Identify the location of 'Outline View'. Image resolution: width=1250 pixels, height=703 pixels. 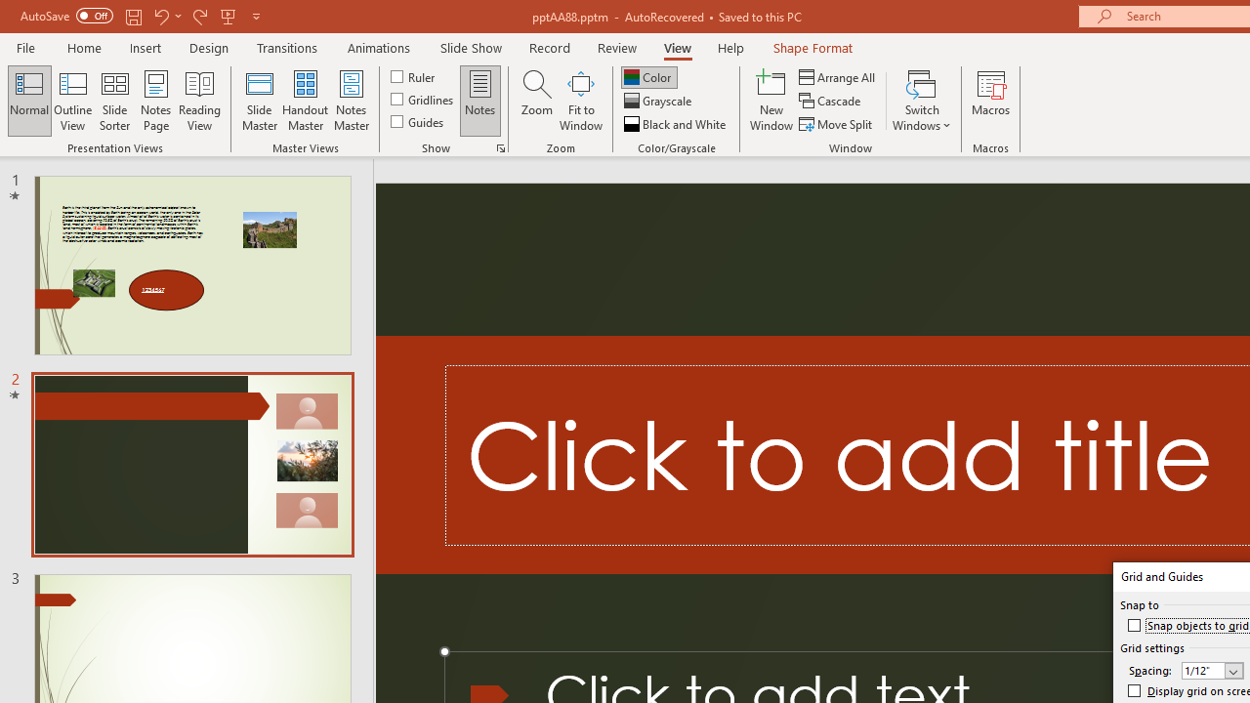
(72, 101).